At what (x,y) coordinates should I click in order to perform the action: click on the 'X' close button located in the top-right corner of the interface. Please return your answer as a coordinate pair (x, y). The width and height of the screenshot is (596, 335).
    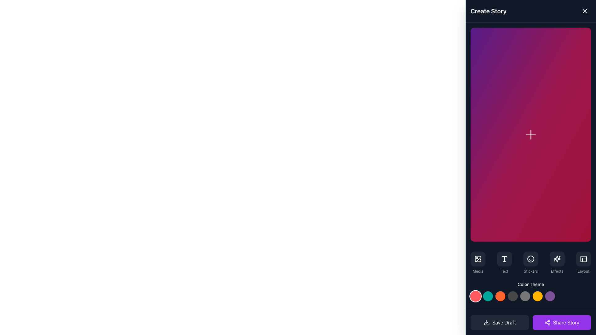
    Looking at the image, I should click on (584, 11).